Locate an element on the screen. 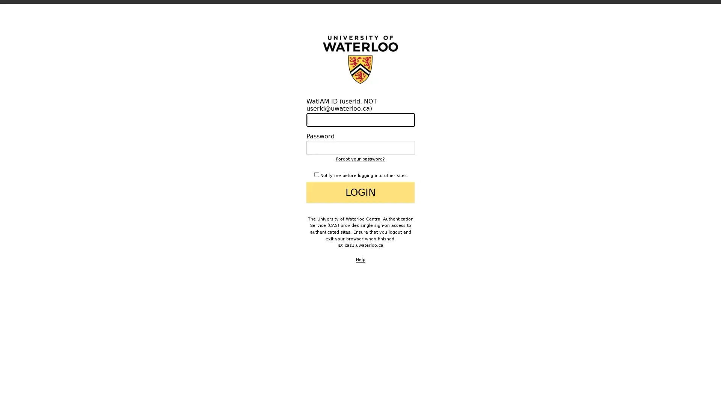  LOGIN is located at coordinates (360, 192).